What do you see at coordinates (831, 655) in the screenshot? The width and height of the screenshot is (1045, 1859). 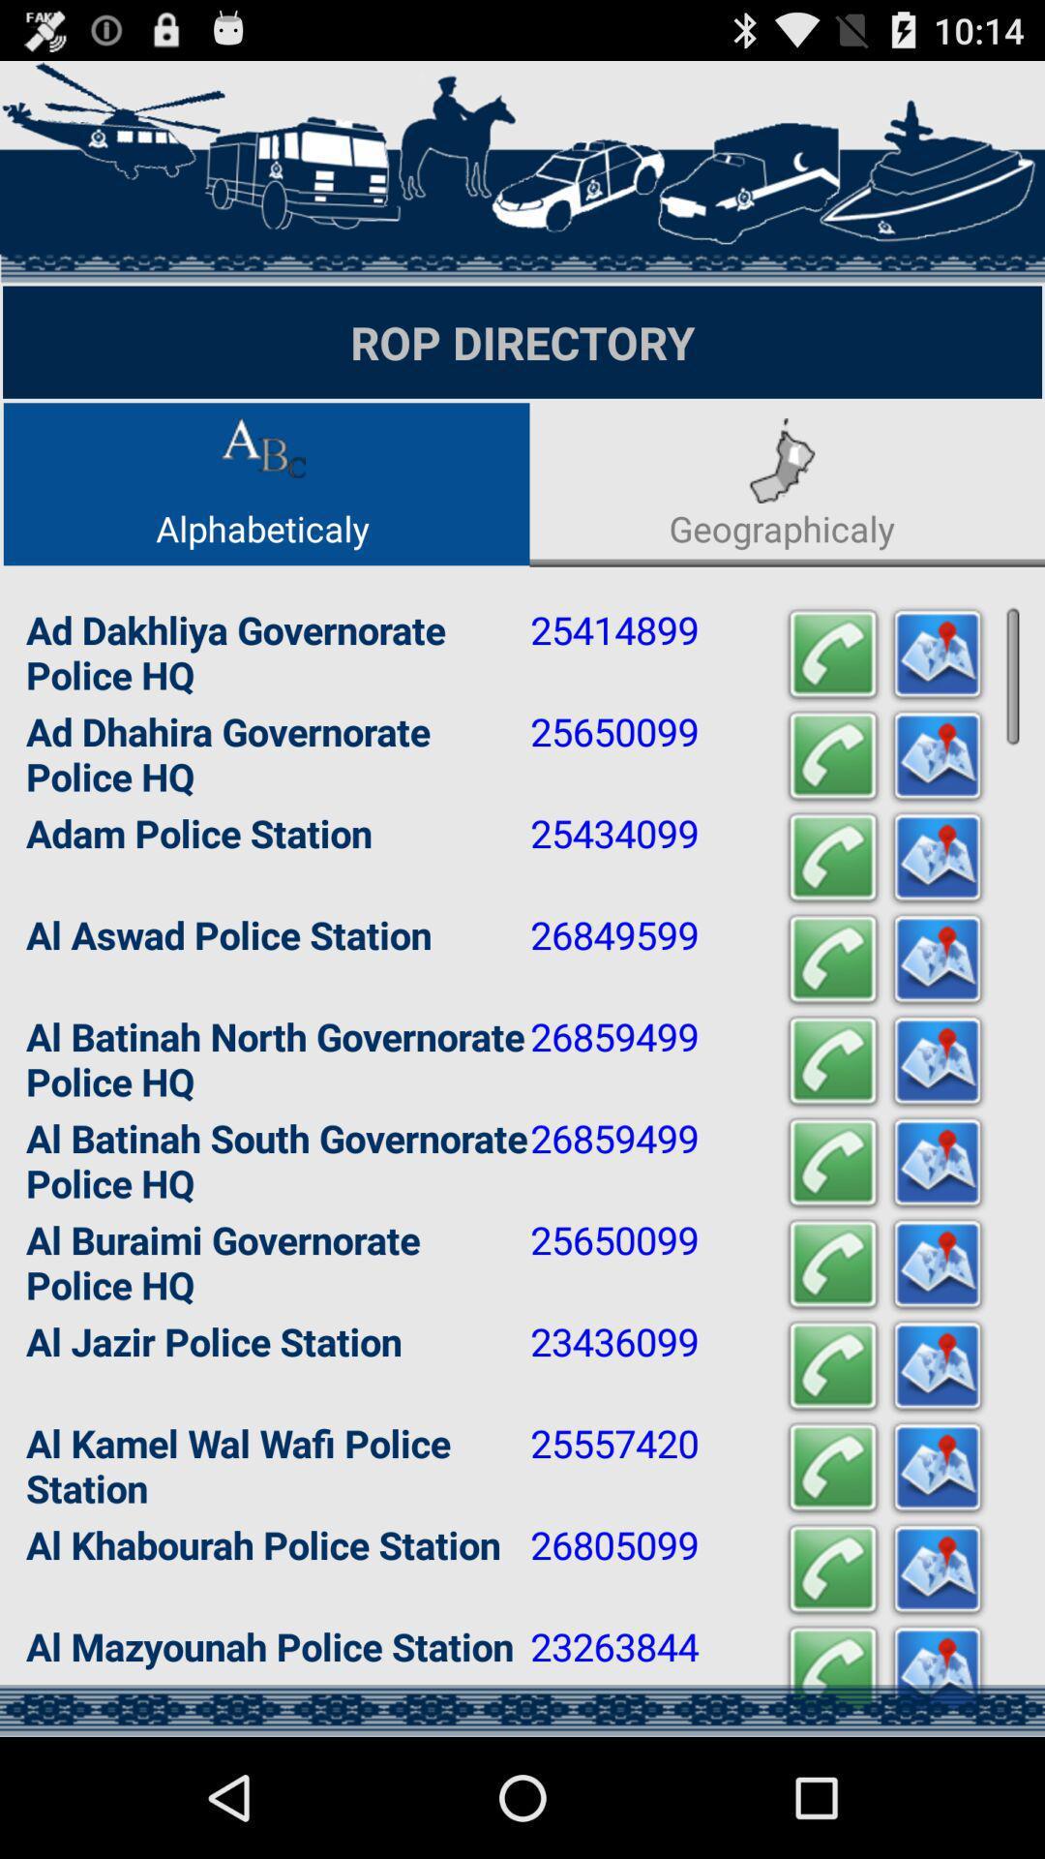 I see `the item above the 25650099 app` at bounding box center [831, 655].